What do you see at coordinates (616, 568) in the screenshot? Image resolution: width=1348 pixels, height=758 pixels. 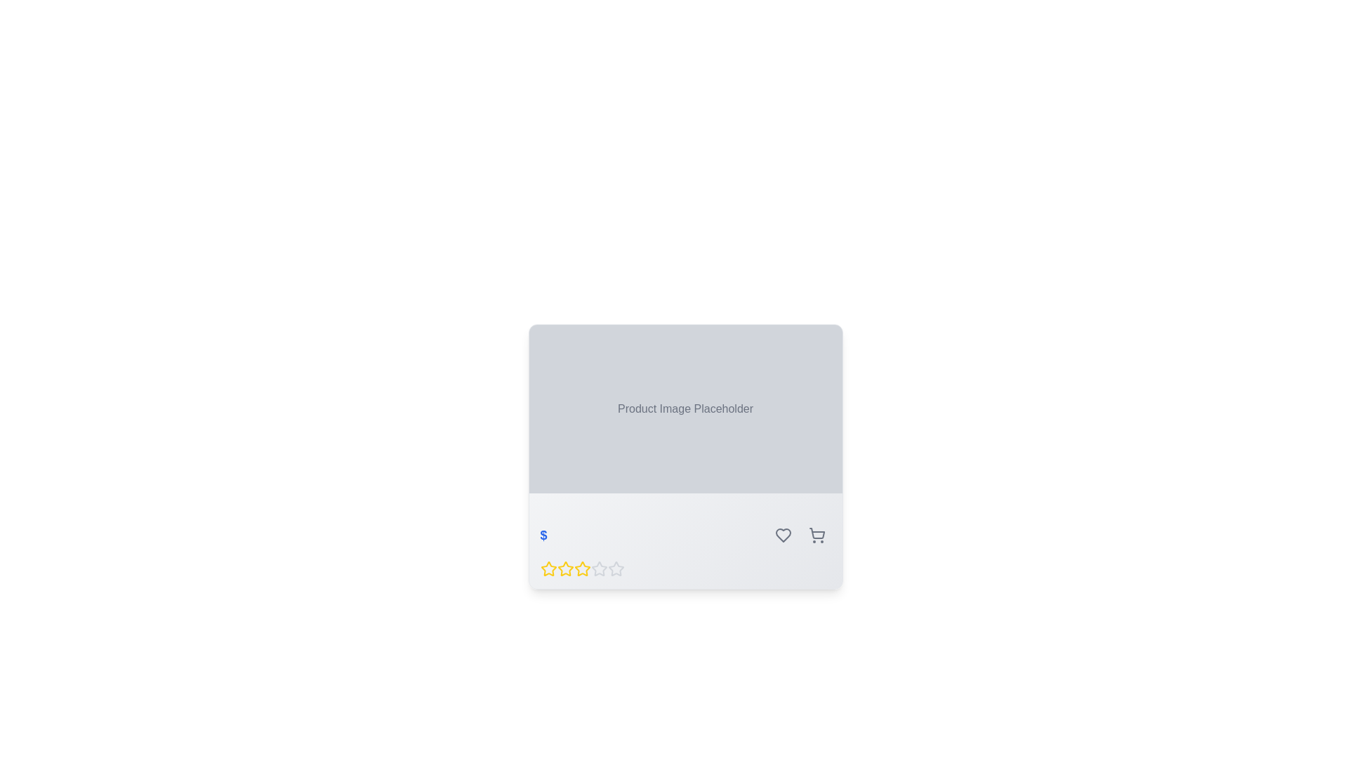 I see `the fifth star icon in the rating component` at bounding box center [616, 568].